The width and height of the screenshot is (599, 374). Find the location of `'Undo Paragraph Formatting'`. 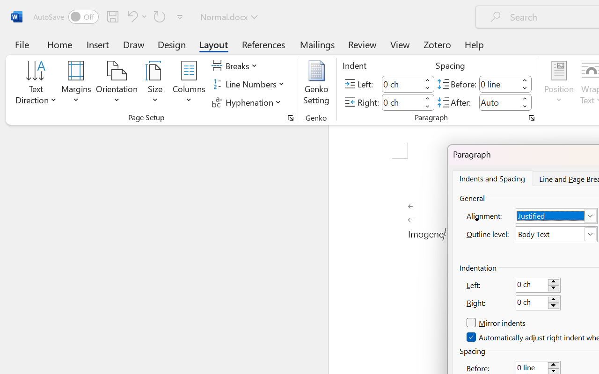

'Undo Paragraph Formatting' is located at coordinates (131, 16).